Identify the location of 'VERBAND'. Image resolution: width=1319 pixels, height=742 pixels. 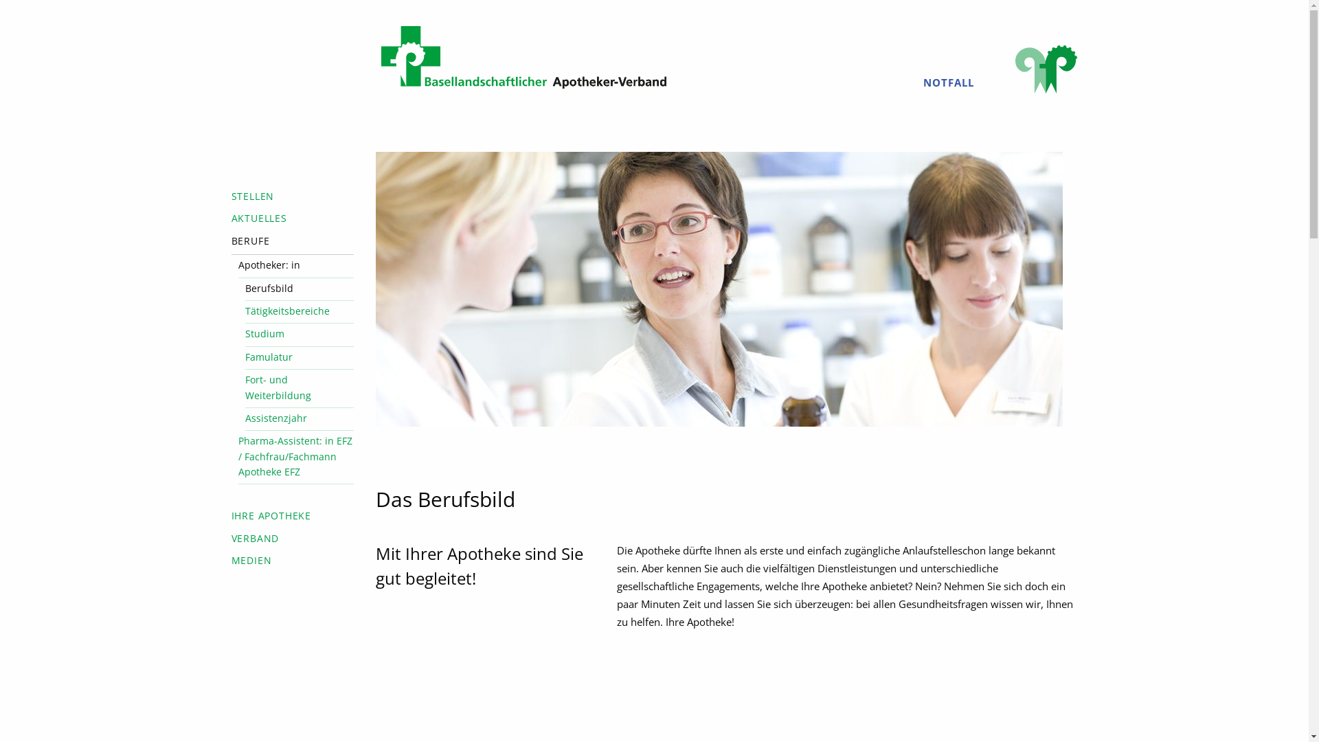
(231, 539).